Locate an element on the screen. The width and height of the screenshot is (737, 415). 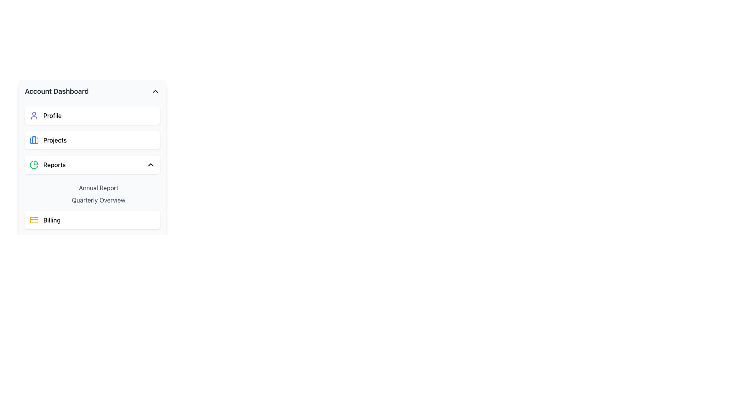
the pie chart icon in the 'Reports' list item, which is green and positioned to the left of the 'Reports' text label is located at coordinates (34, 164).